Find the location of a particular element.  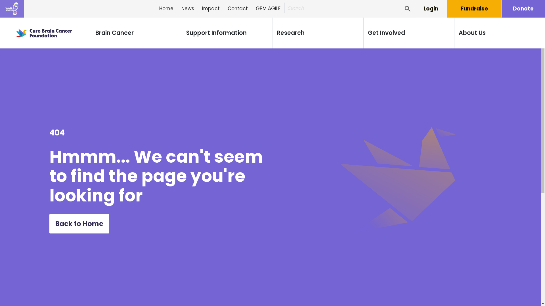

'Get Involved' is located at coordinates (386, 33).